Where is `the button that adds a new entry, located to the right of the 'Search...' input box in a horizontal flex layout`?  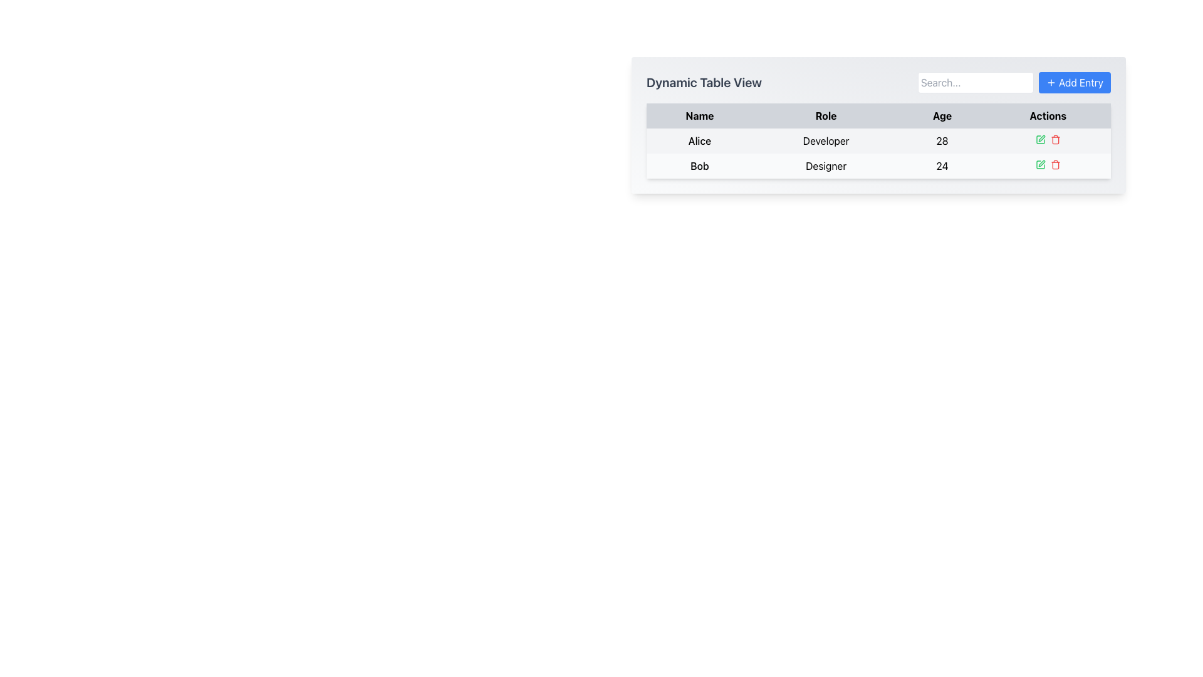 the button that adds a new entry, located to the right of the 'Search...' input box in a horizontal flex layout is located at coordinates (1074, 82).